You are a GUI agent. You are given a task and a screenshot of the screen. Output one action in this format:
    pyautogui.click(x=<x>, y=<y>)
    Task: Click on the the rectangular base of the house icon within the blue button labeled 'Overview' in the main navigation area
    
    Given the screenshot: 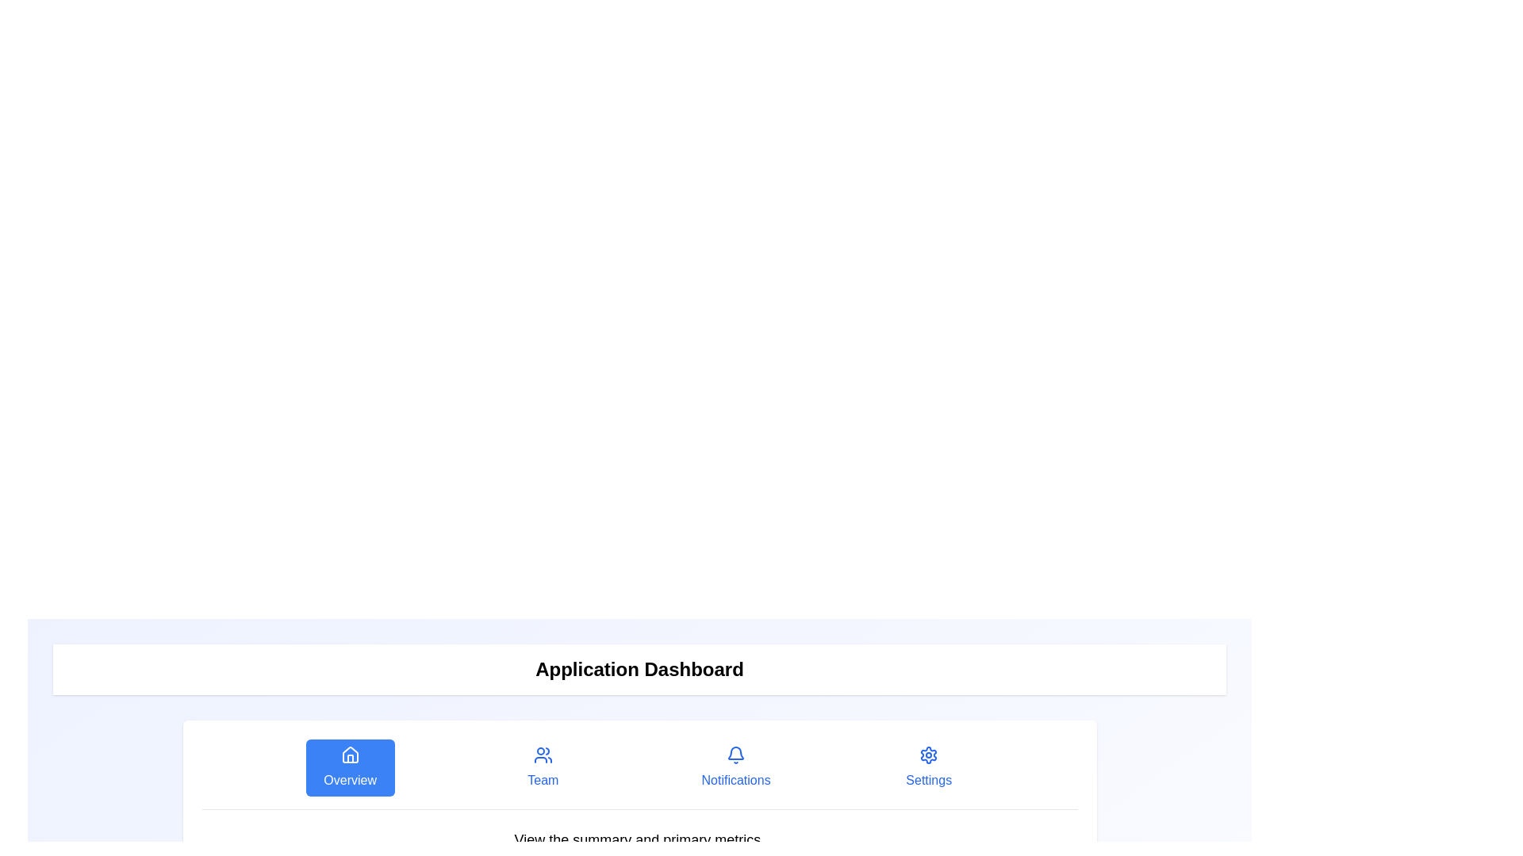 What is the action you would take?
    pyautogui.click(x=349, y=758)
    